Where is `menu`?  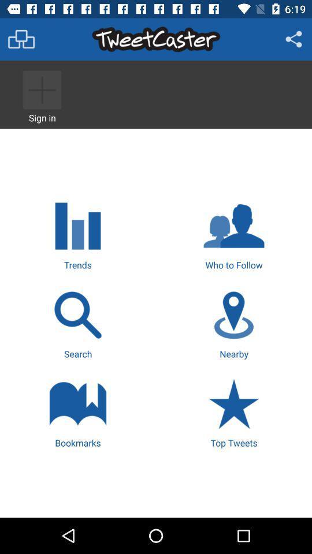
menu is located at coordinates (21, 39).